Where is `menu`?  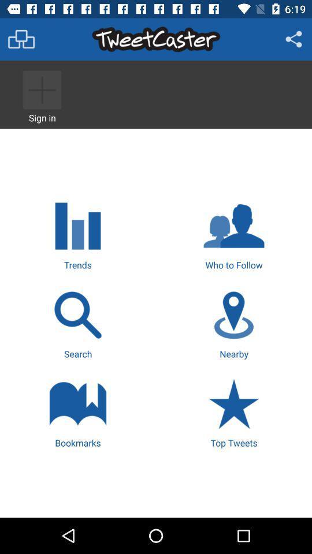
menu is located at coordinates (21, 39).